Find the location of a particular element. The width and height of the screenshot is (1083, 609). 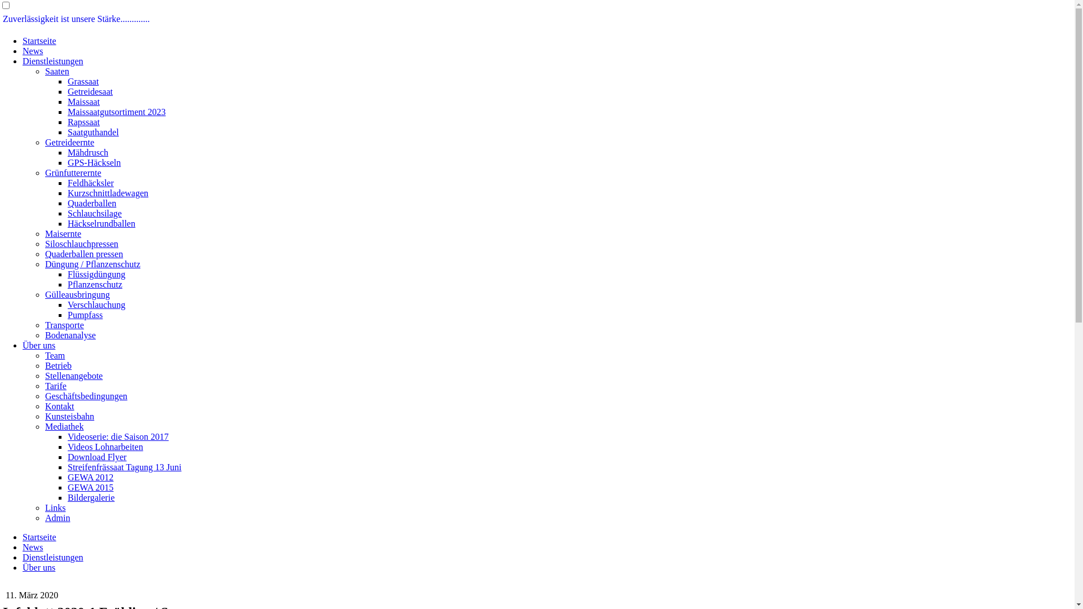

'Kurzschnittladewagen' is located at coordinates (108, 192).